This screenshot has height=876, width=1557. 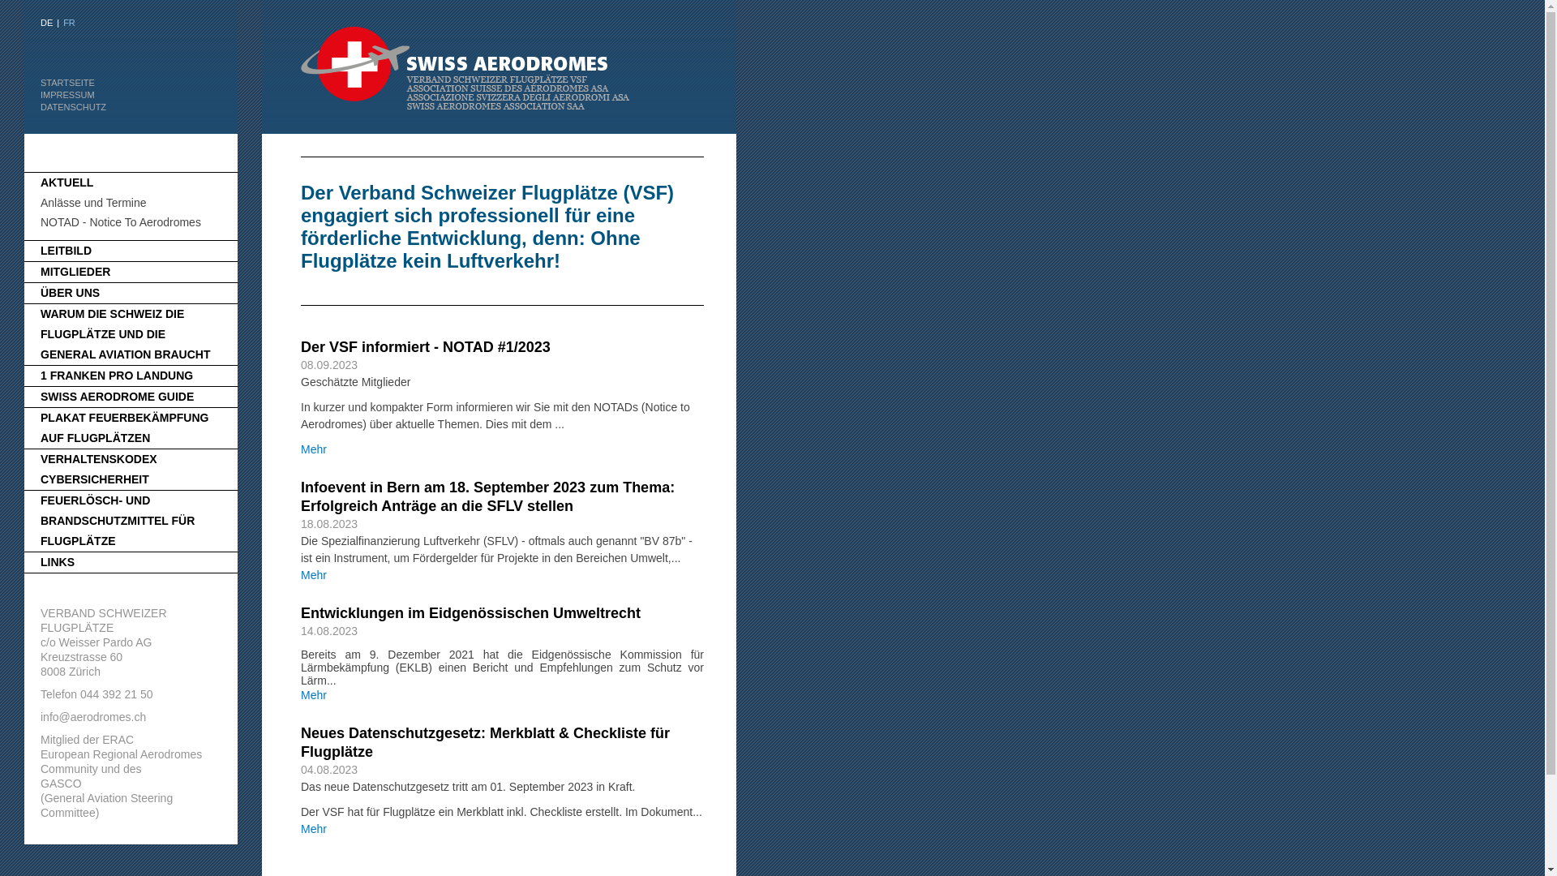 I want to click on 'LINKS', so click(x=40, y=561).